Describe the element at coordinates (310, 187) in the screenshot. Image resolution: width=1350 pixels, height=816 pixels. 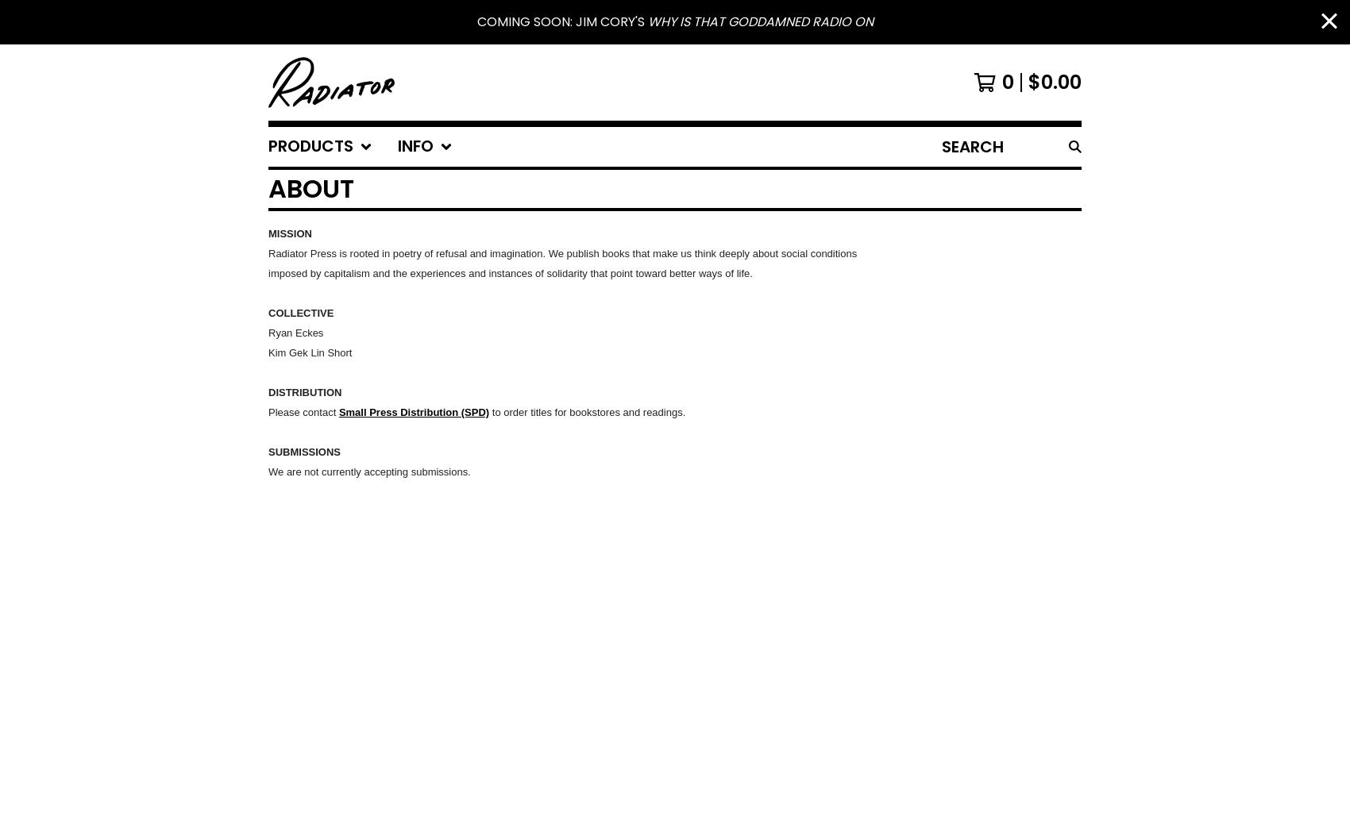
I see `'About'` at that location.